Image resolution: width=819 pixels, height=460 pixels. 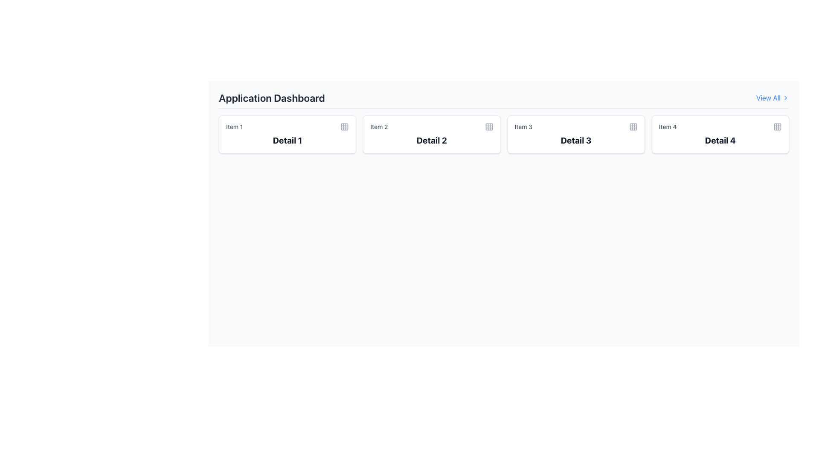 I want to click on the static text element that provides detailed information about 'Item 3', positioned below 'Item 3' in the third column of the grid layout, so click(x=576, y=140).